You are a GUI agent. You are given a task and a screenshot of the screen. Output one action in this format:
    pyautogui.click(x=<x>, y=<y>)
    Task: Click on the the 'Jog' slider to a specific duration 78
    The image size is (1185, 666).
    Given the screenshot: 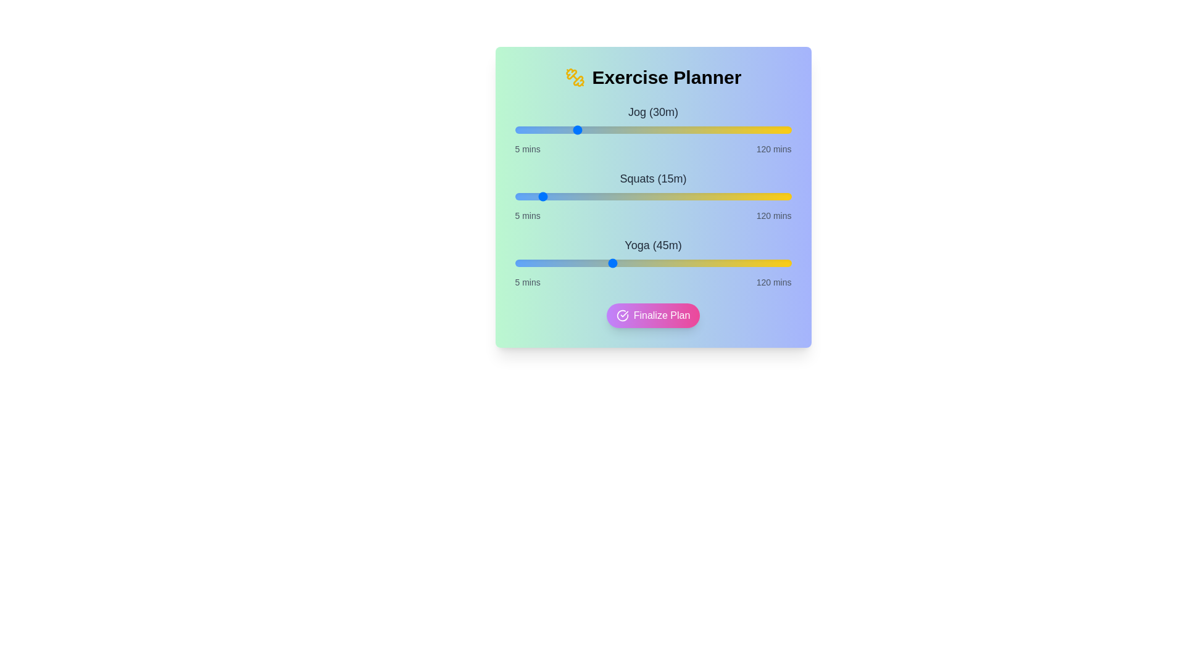 What is the action you would take?
    pyautogui.click(x=689, y=130)
    